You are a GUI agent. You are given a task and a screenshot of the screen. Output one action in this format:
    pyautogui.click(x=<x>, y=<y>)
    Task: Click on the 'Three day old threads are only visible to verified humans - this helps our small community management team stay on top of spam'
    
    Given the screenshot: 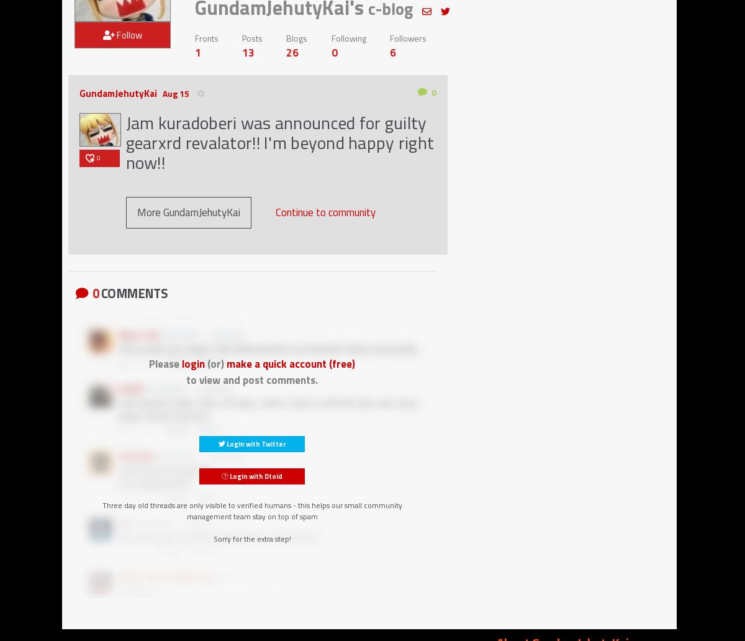 What is the action you would take?
    pyautogui.click(x=101, y=510)
    